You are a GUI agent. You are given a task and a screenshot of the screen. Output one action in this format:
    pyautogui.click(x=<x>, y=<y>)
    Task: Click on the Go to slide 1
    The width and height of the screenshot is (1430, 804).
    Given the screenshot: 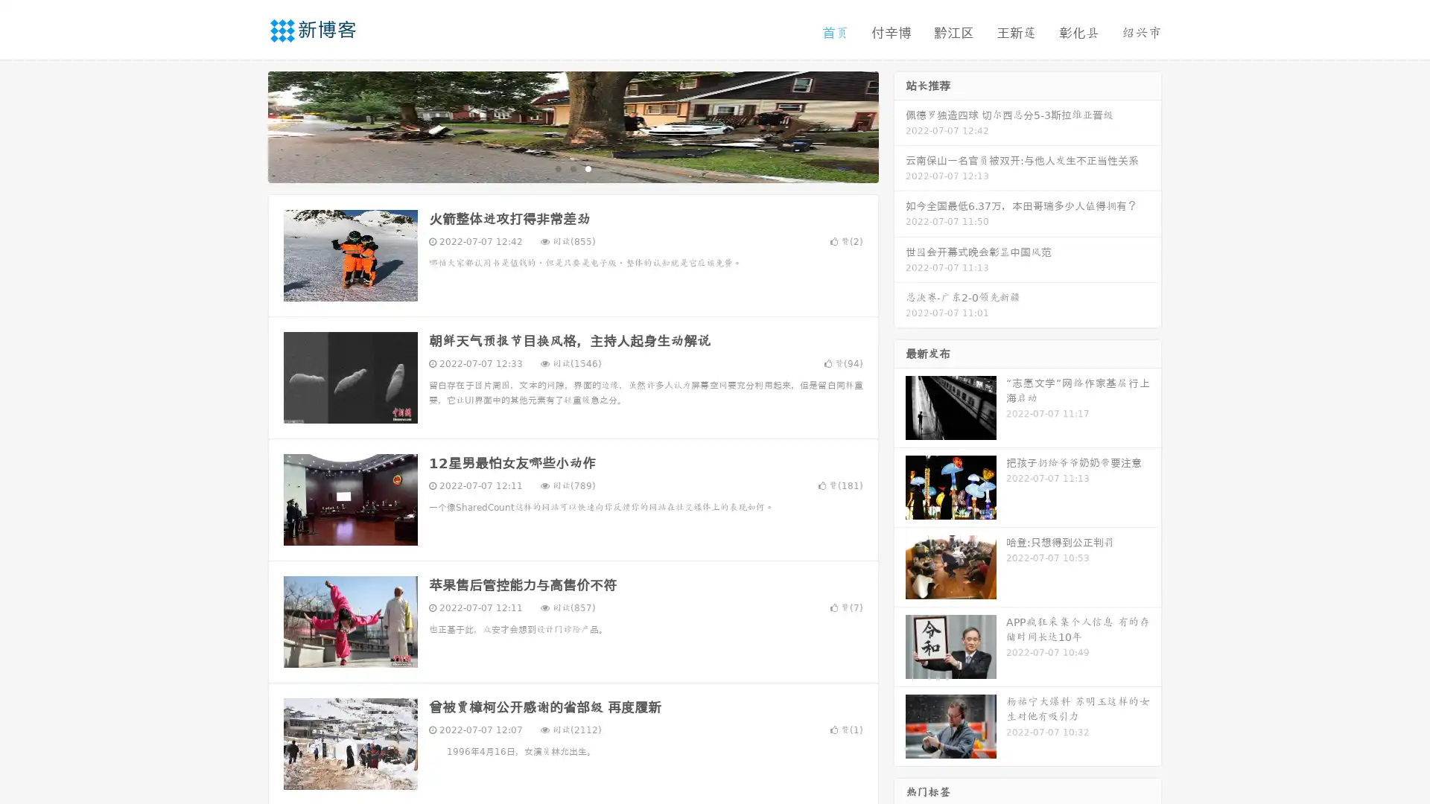 What is the action you would take?
    pyautogui.click(x=557, y=167)
    